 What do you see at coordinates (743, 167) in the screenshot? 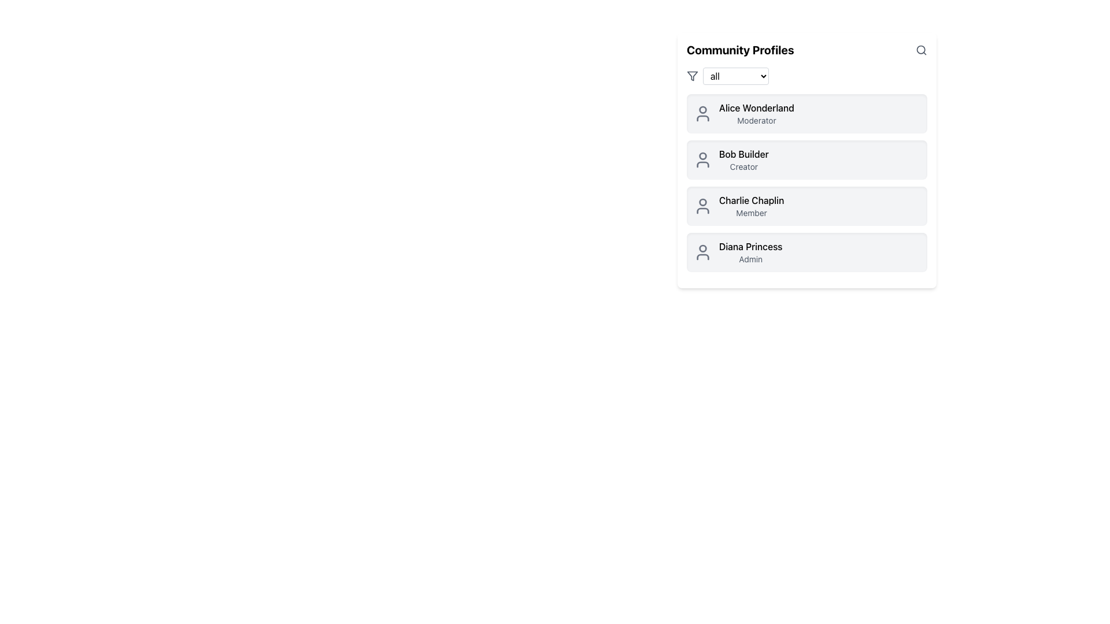
I see `text label indicating that the profile 'Bob Builder' has the role of 'Creator', which is the second text label under the 'Community Profiles' header` at bounding box center [743, 167].